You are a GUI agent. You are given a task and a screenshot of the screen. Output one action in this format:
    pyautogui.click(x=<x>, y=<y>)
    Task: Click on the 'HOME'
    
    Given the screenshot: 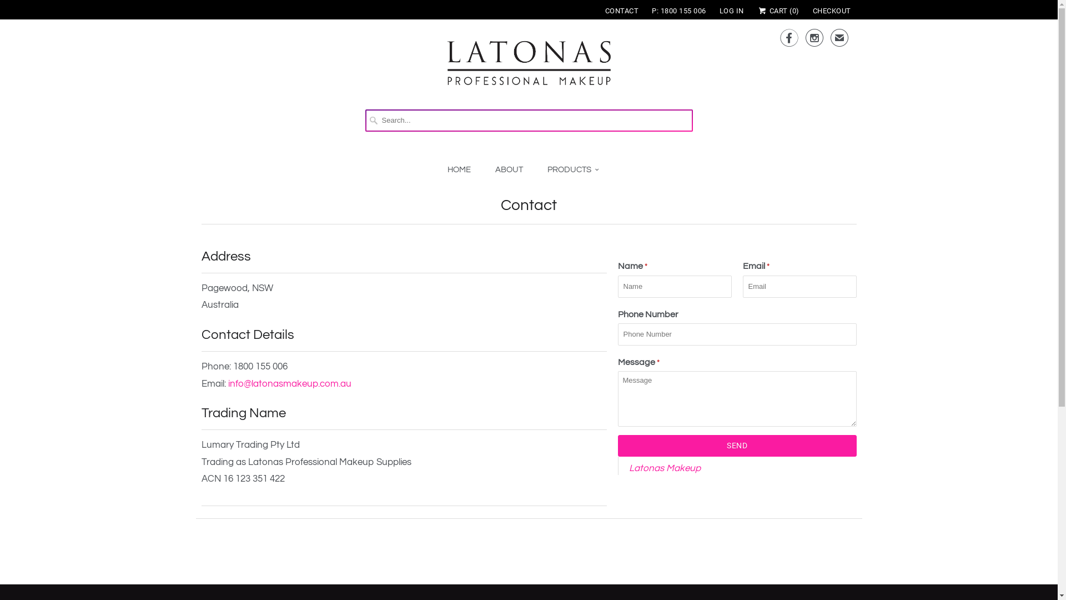 What is the action you would take?
    pyautogui.click(x=447, y=169)
    